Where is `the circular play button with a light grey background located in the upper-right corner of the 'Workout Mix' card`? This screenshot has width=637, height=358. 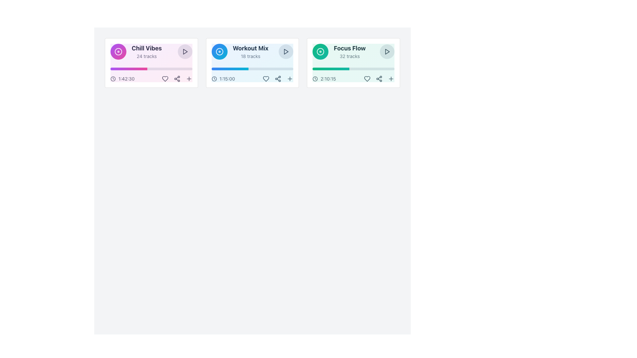 the circular play button with a light grey background located in the upper-right corner of the 'Workout Mix' card is located at coordinates (286, 51).